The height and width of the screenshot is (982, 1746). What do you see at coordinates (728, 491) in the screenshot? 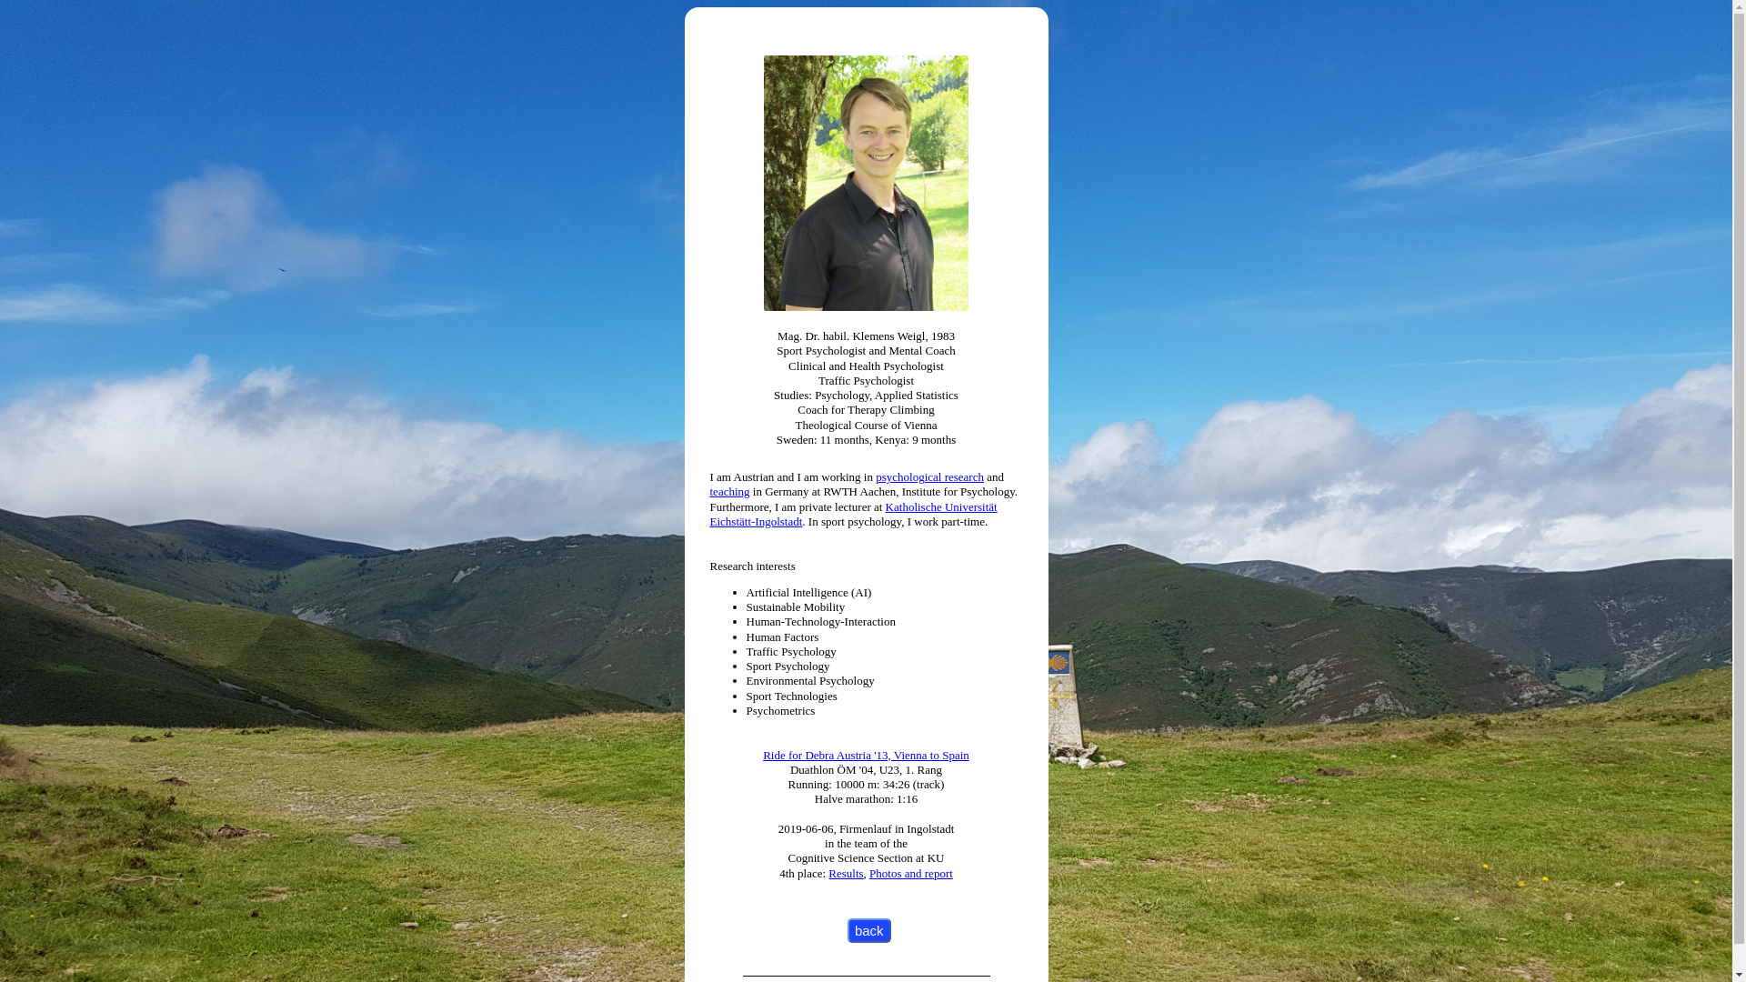
I see `'teaching'` at bounding box center [728, 491].